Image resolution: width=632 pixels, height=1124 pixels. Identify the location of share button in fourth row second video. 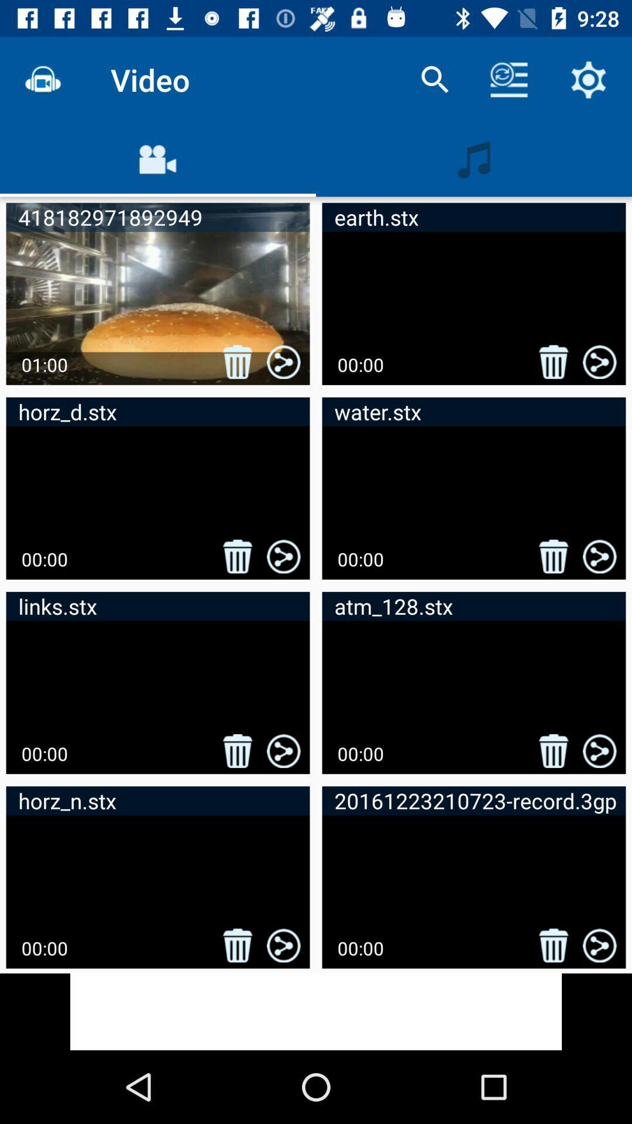
(600, 945).